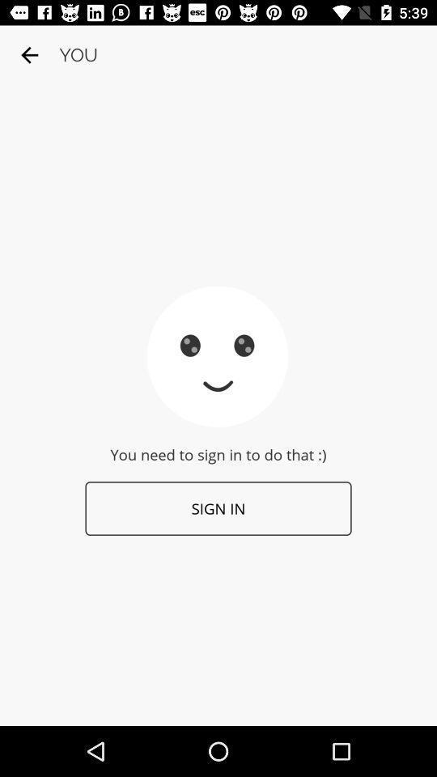 This screenshot has width=437, height=777. What do you see at coordinates (29, 55) in the screenshot?
I see `the icon to the left of you item` at bounding box center [29, 55].